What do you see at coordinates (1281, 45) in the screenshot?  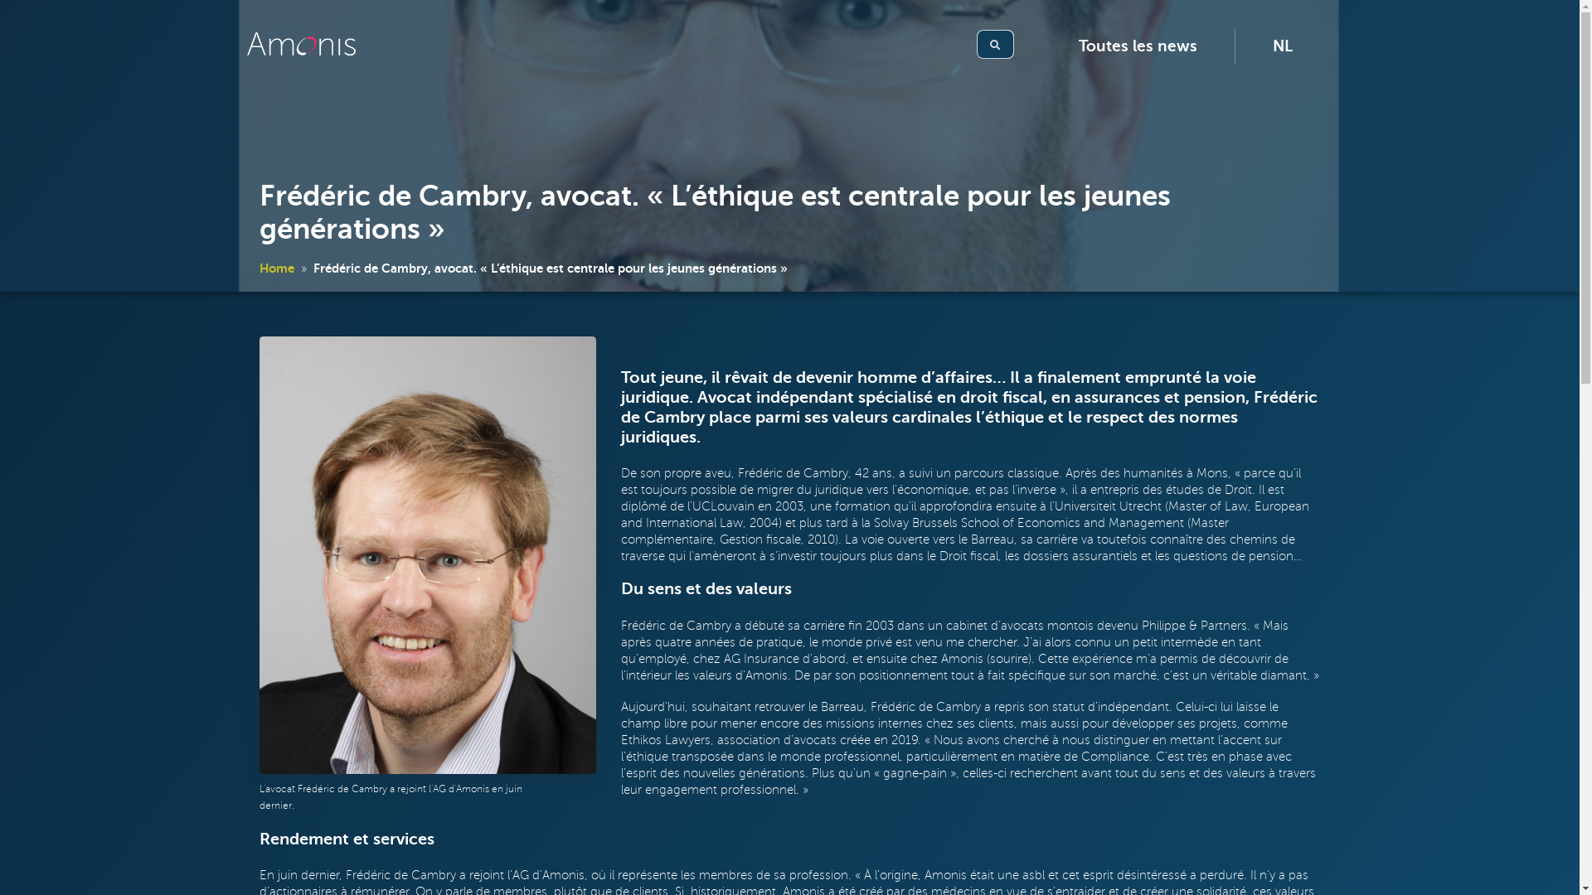 I see `'NL'` at bounding box center [1281, 45].